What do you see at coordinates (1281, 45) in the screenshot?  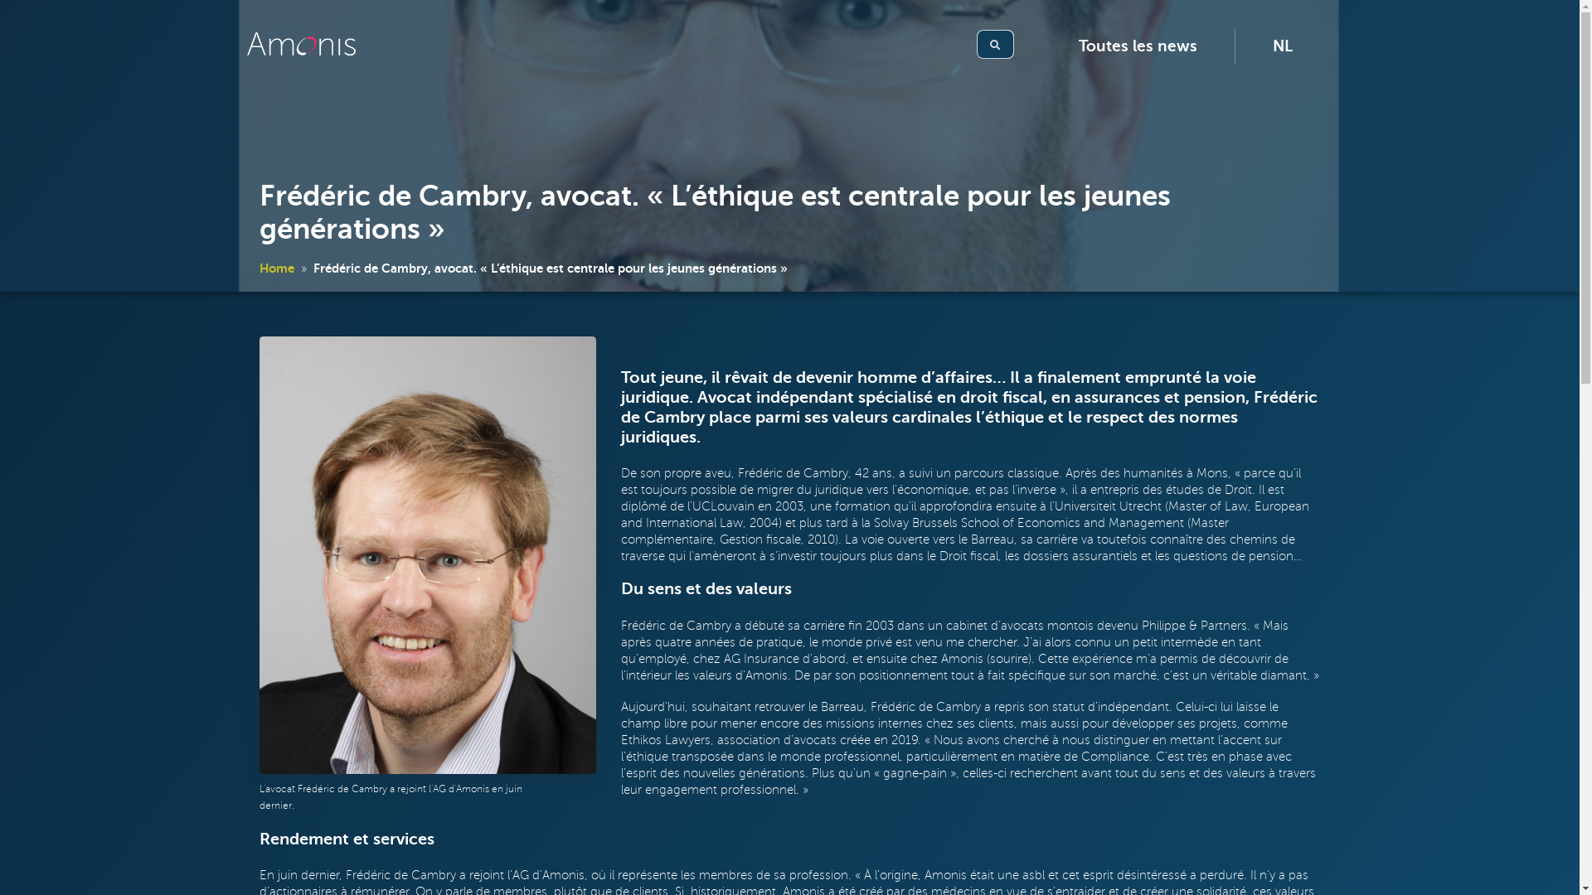 I see `'NL'` at bounding box center [1281, 45].